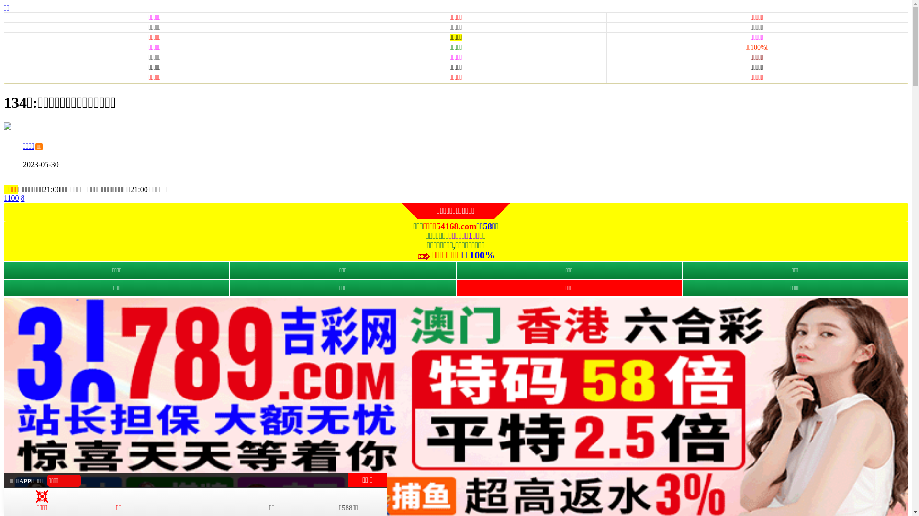 Image resolution: width=919 pixels, height=516 pixels. I want to click on '1100', so click(4, 197).